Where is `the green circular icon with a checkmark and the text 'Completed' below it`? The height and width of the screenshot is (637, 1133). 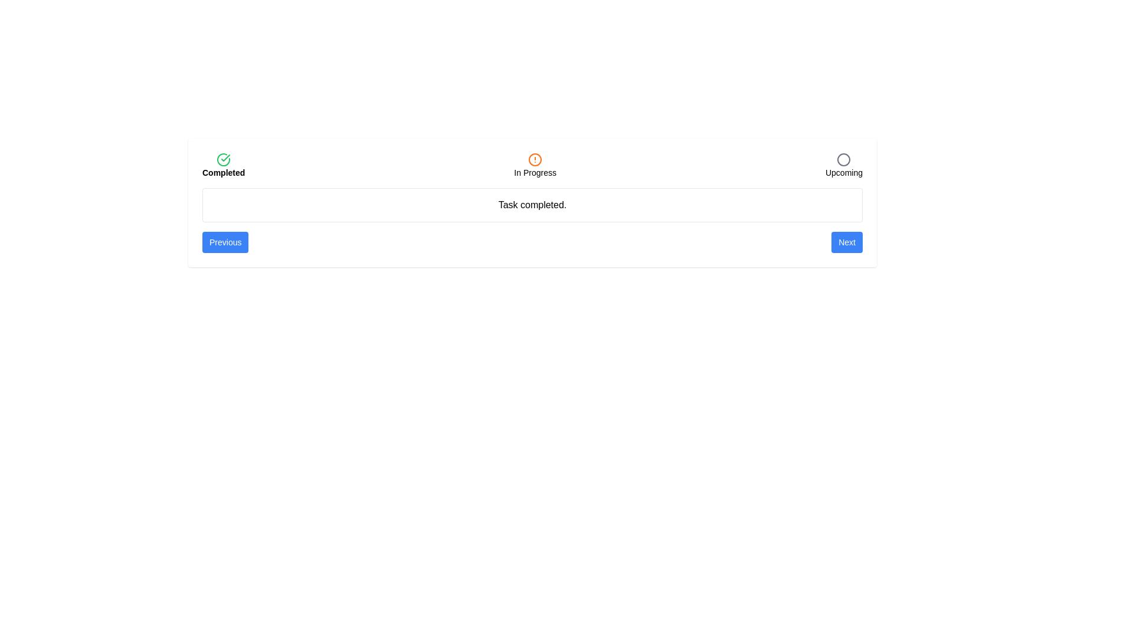 the green circular icon with a checkmark and the text 'Completed' below it is located at coordinates (224, 166).